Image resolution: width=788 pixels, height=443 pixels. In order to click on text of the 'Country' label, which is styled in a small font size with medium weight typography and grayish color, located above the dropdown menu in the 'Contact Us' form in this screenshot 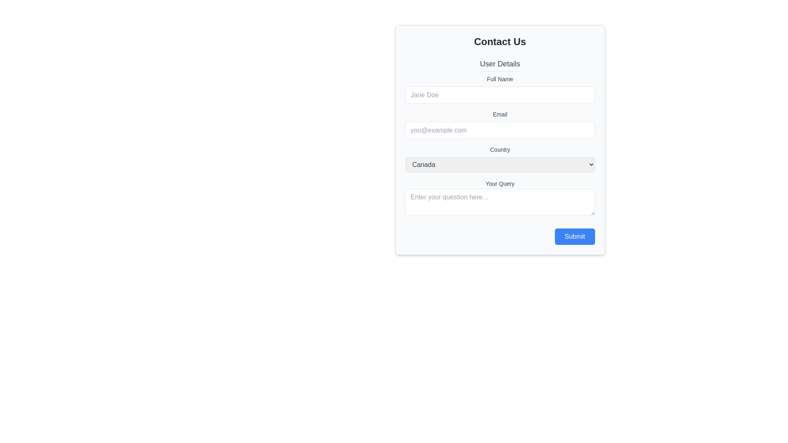, I will do `click(499, 150)`.